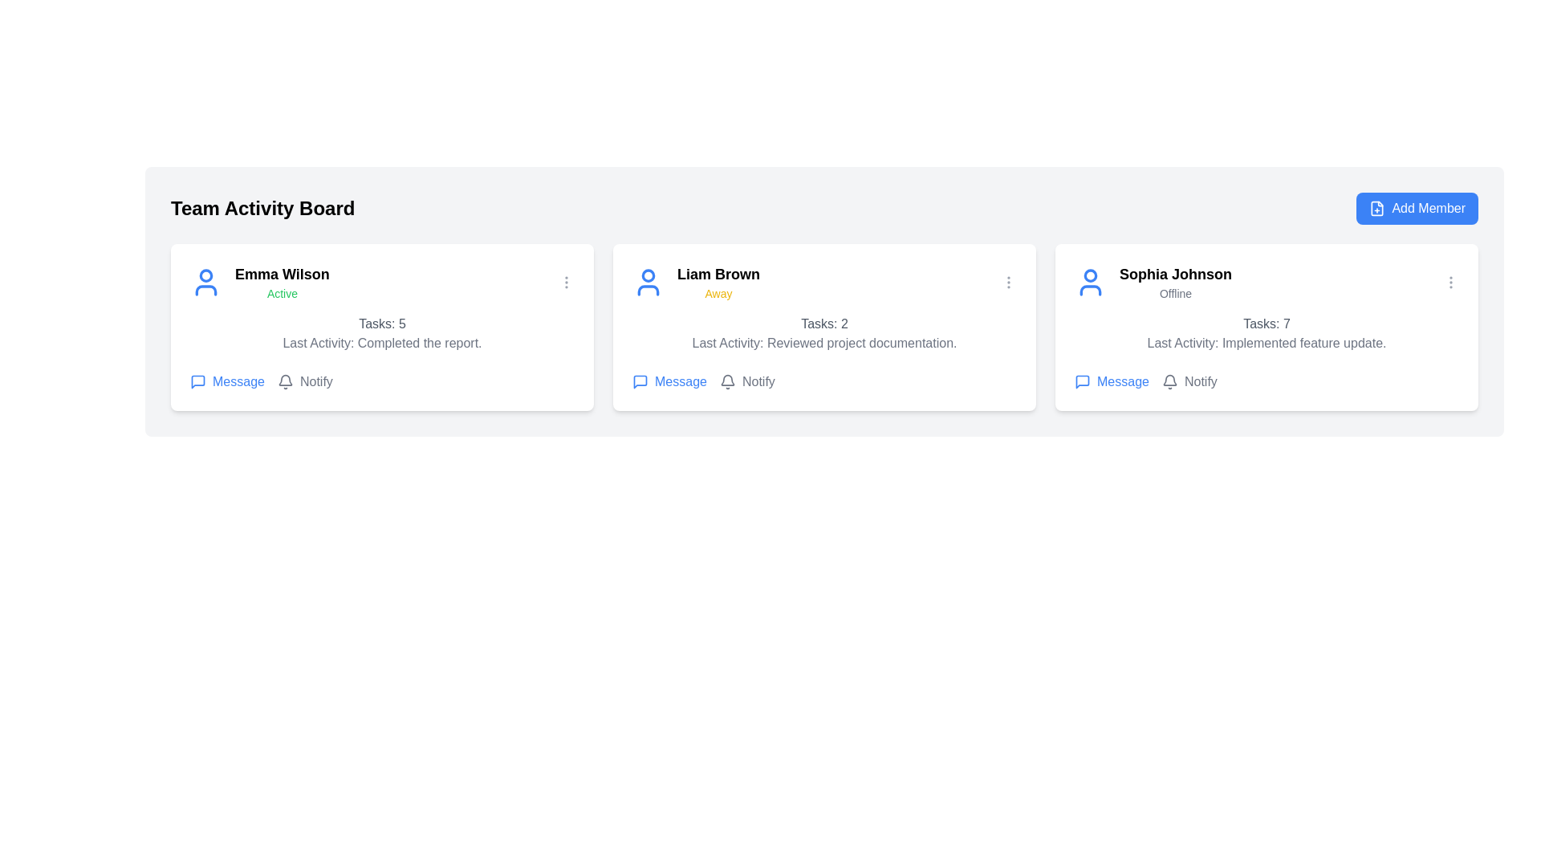 The width and height of the screenshot is (1541, 867). What do you see at coordinates (1008, 281) in the screenshot?
I see `the menu toggle button located at the top-right corner of Liam Brown's user card` at bounding box center [1008, 281].